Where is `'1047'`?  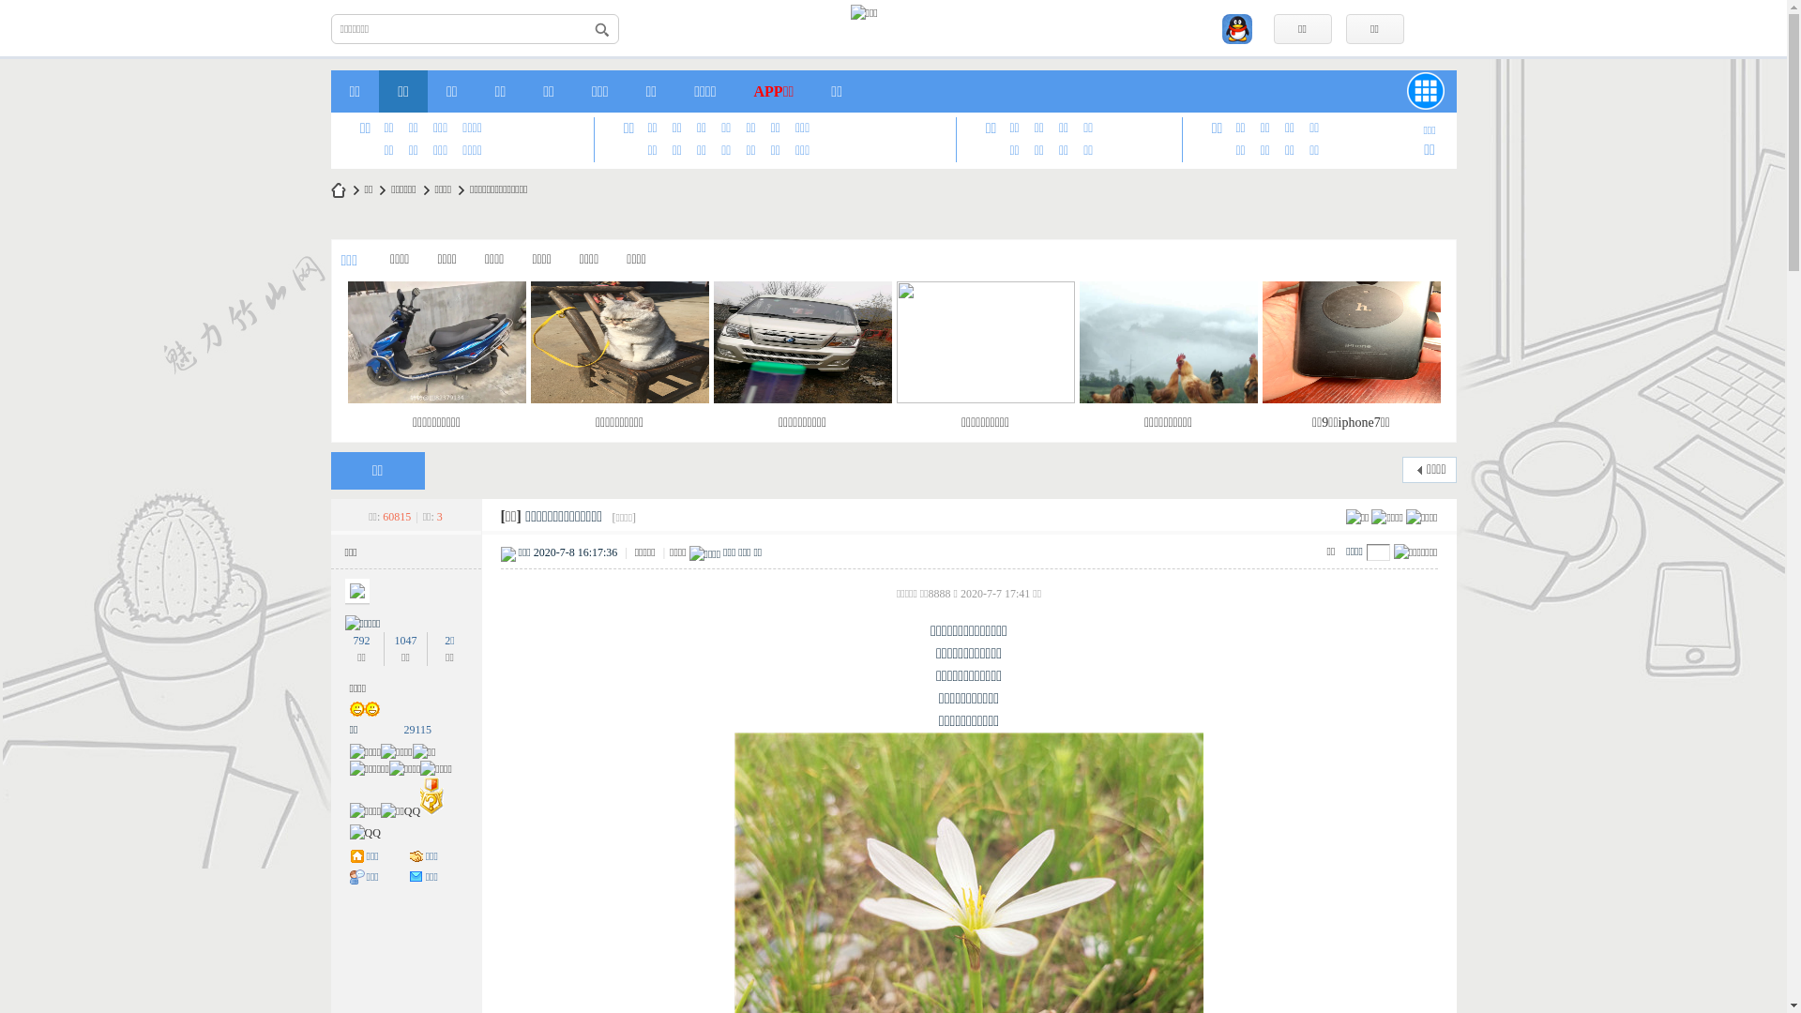 '1047' is located at coordinates (404, 639).